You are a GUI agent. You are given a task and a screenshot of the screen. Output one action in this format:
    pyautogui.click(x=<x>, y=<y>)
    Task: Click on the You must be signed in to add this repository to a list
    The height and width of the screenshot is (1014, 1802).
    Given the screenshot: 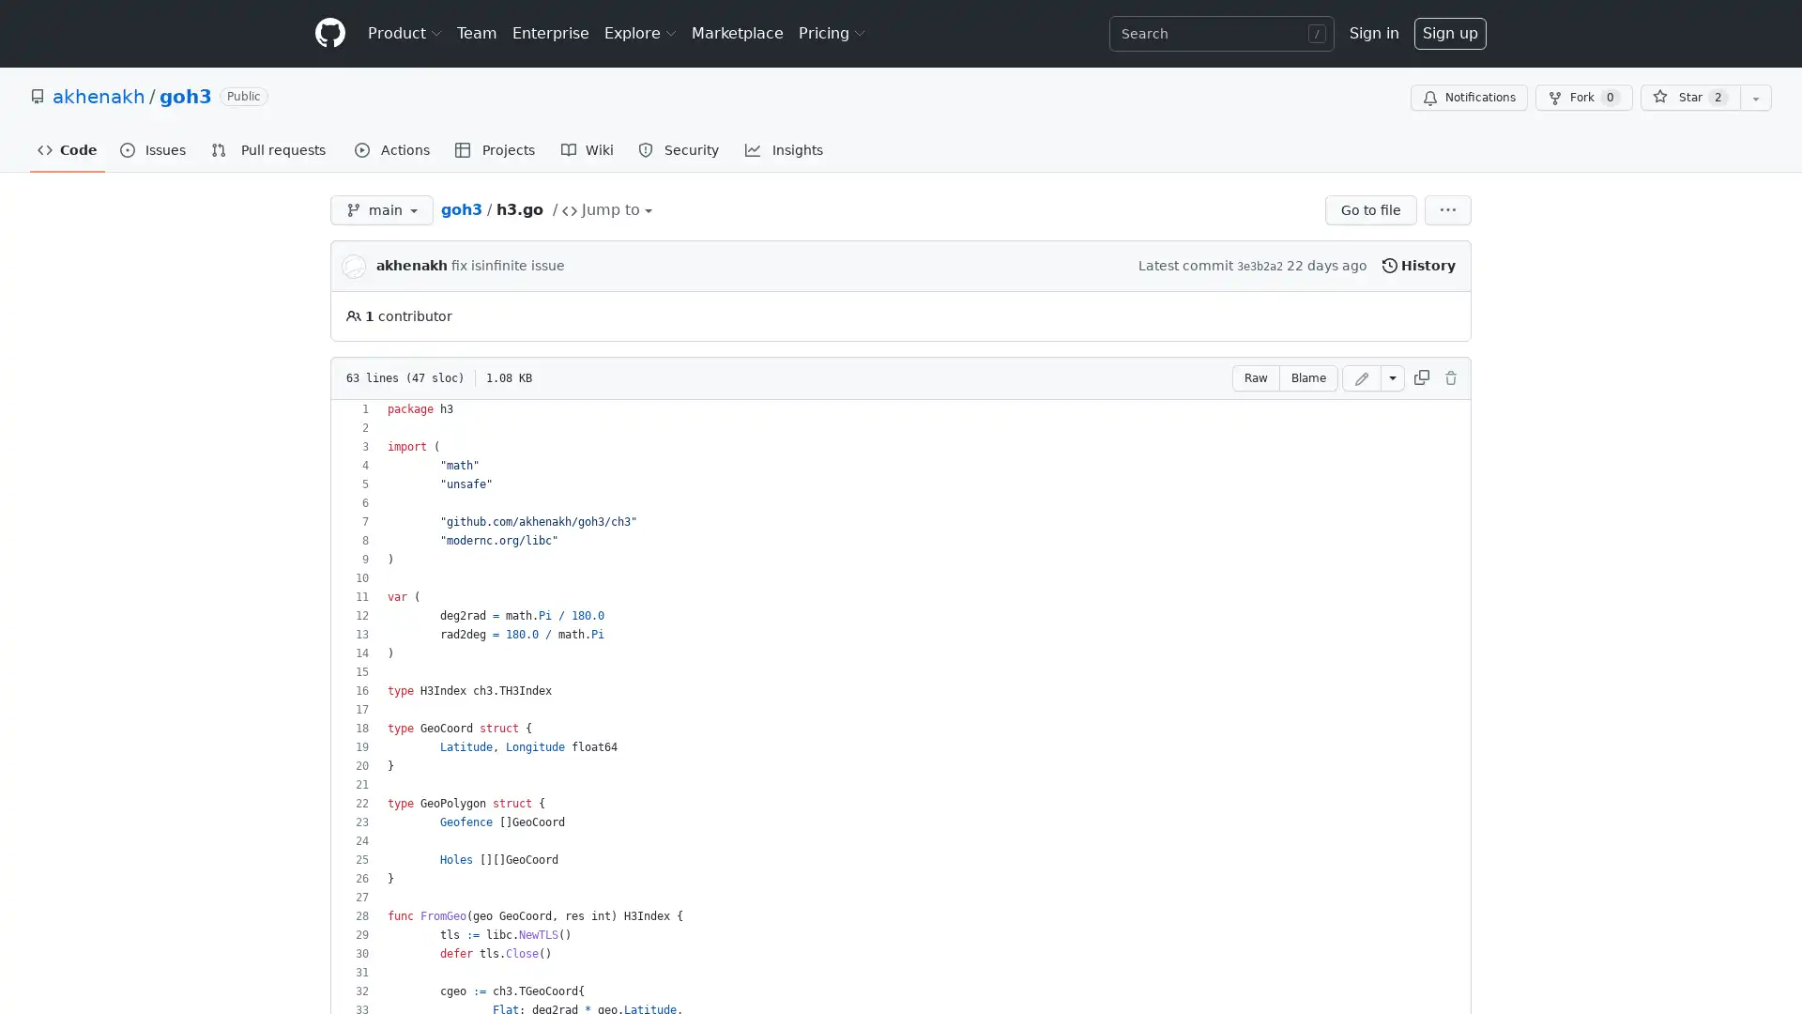 What is the action you would take?
    pyautogui.click(x=1755, y=98)
    